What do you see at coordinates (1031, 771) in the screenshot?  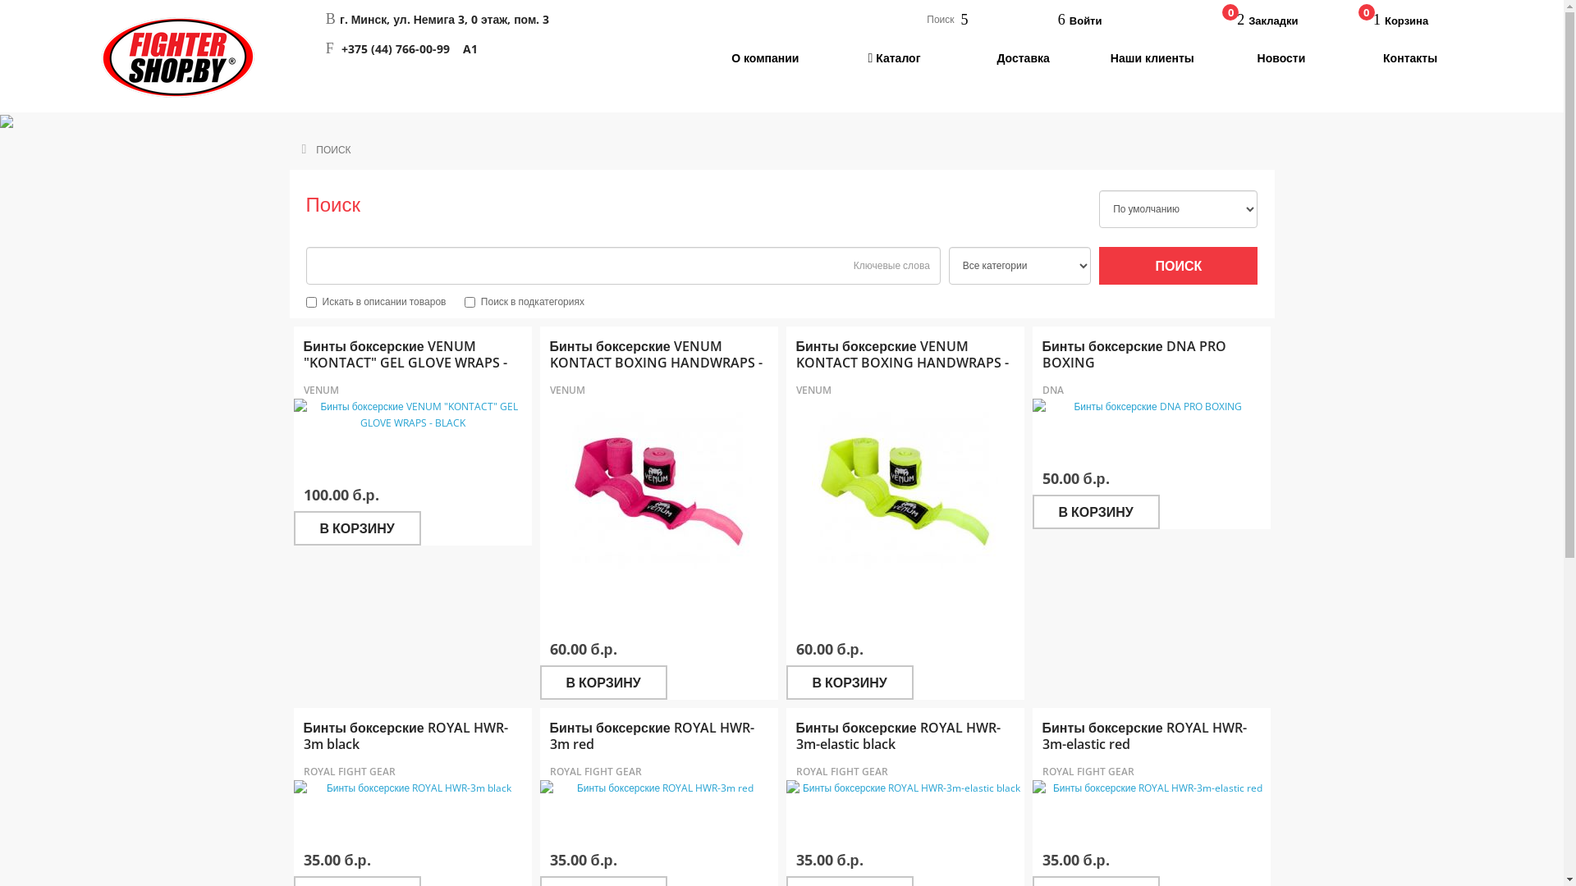 I see `'ROYAL FIGHT GEAR'` at bounding box center [1031, 771].